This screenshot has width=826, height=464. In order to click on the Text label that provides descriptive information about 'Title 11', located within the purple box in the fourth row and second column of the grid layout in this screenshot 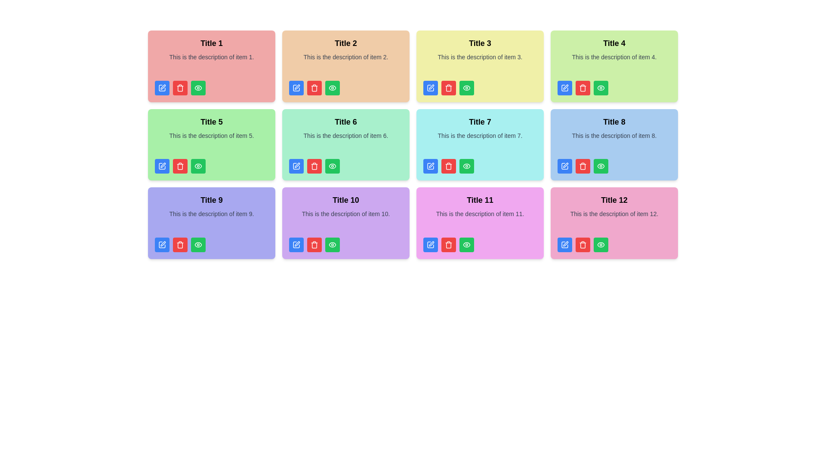, I will do `click(480, 220)`.